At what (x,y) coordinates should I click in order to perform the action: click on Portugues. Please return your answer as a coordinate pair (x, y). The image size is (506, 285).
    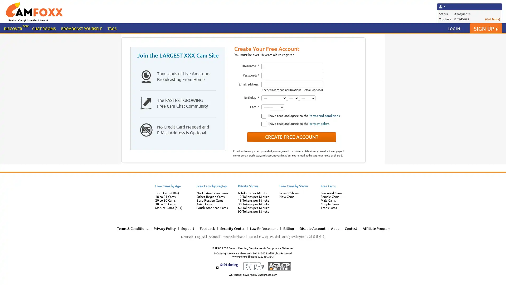
    Looking at the image, I should click on (288, 237).